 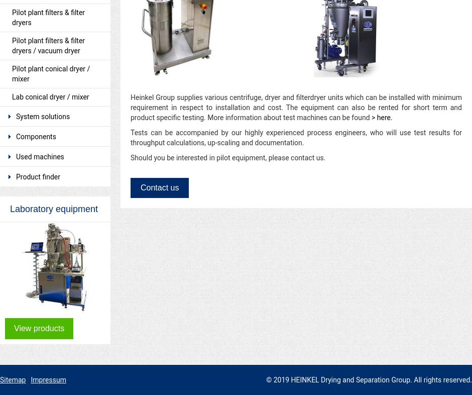 What do you see at coordinates (51, 73) in the screenshot?
I see `'Pilot plant conical dryer / mixer'` at bounding box center [51, 73].